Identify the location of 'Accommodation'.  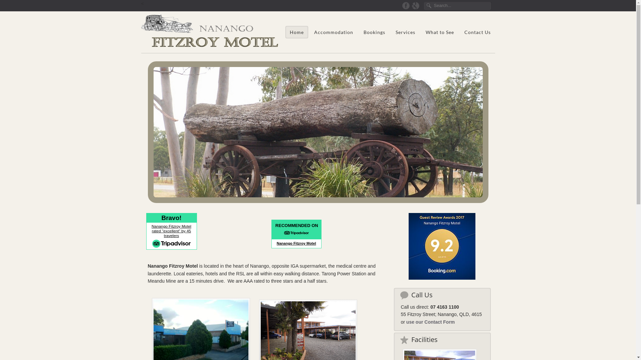
(333, 32).